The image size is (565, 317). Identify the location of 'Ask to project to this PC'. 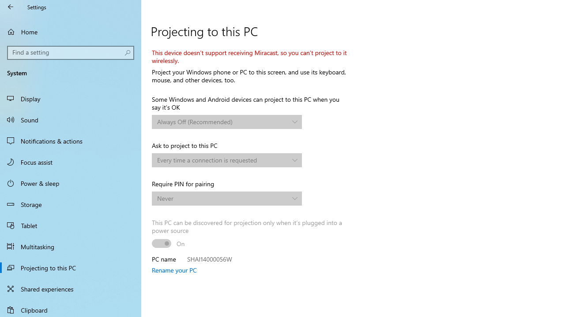
(226, 160).